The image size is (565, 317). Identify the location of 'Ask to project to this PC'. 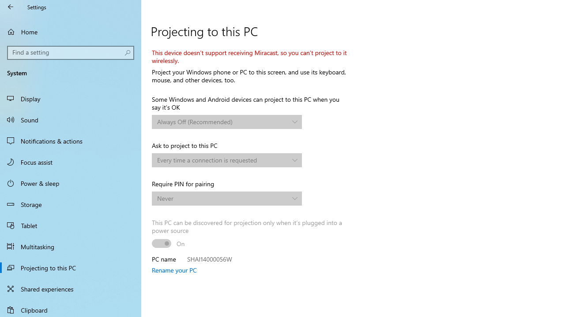
(226, 160).